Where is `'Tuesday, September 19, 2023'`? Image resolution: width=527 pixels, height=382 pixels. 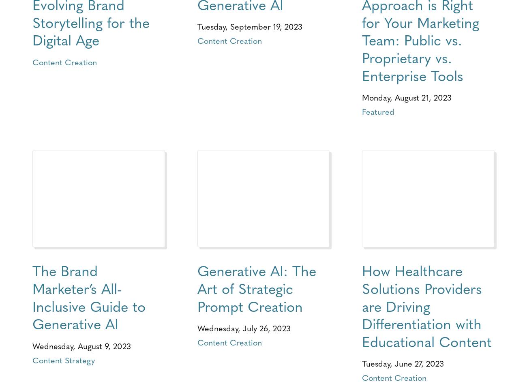 'Tuesday, September 19, 2023' is located at coordinates (249, 26).